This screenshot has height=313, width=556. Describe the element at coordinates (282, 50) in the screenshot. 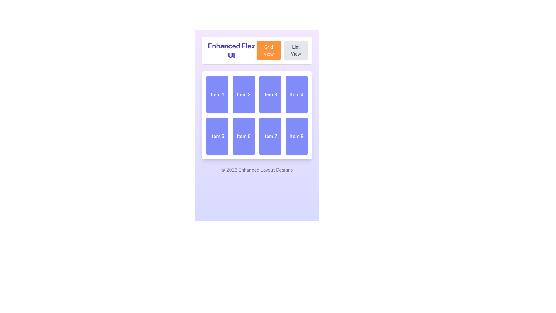

I see `the 'Grid View' button in the Button Group` at that location.